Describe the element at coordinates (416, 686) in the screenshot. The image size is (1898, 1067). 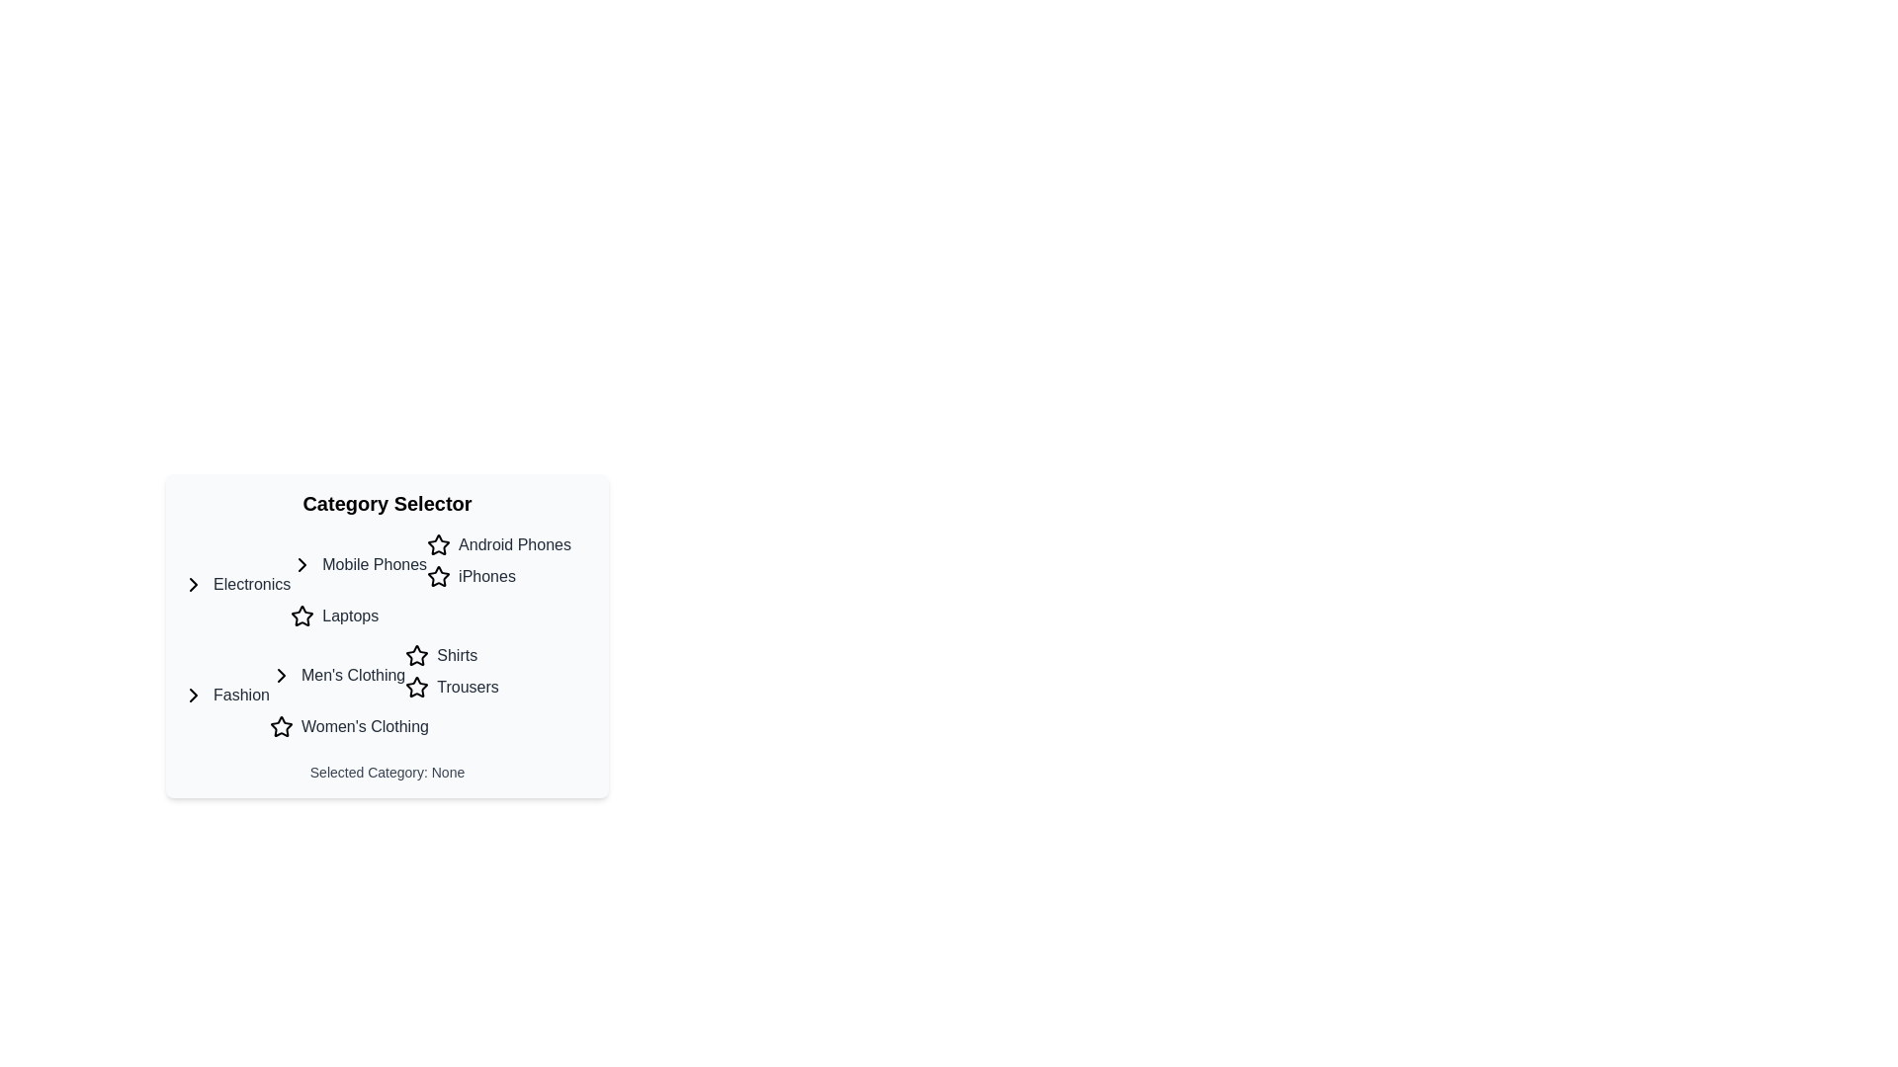
I see `the star icon located to the left of the 'Trousers' text in the 'Men's Clothing' section under the 'Fashion' category` at that location.